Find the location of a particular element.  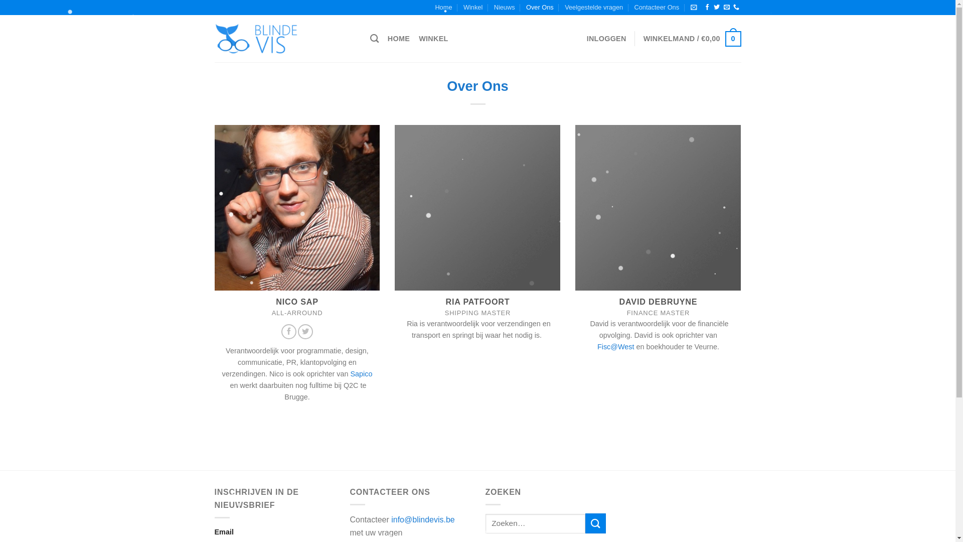

'HOME' is located at coordinates (398, 38).